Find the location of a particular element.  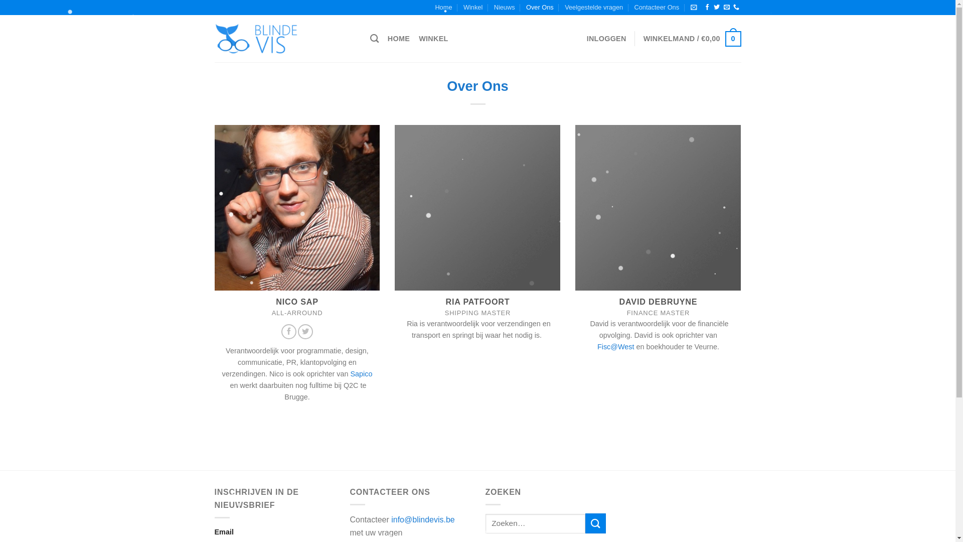

'HOME' is located at coordinates (398, 38).